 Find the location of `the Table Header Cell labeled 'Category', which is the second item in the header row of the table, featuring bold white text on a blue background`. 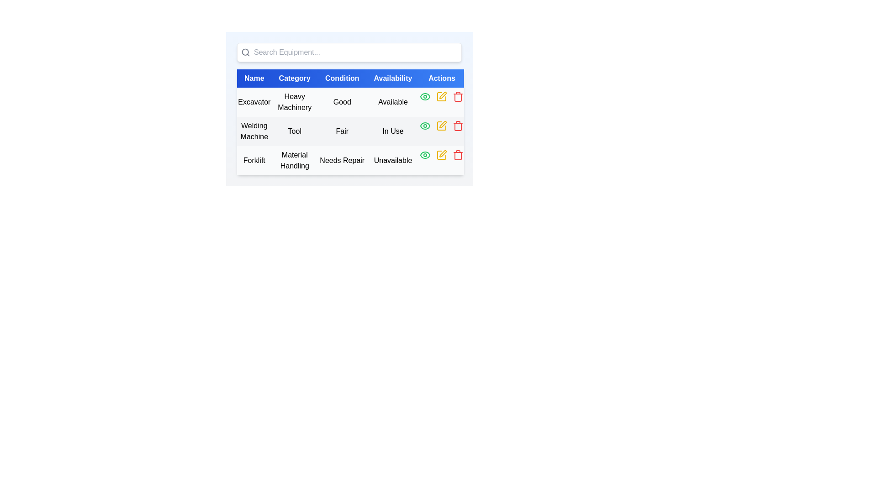

the Table Header Cell labeled 'Category', which is the second item in the header row of the table, featuring bold white text on a blue background is located at coordinates (295, 78).